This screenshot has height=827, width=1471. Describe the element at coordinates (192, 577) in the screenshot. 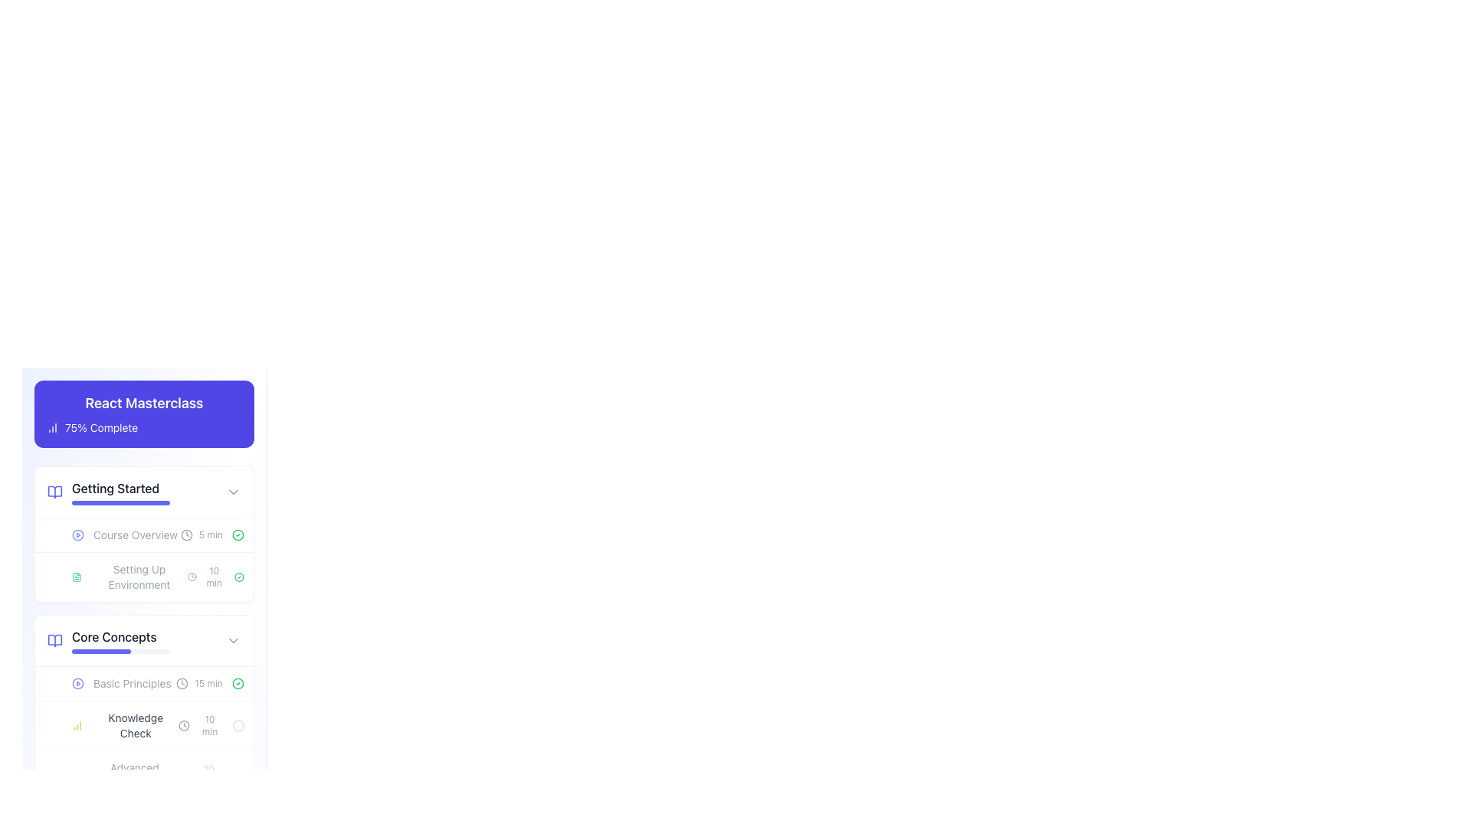

I see `the circular clock icon next to the '10 min' text in the 'Setting Up Environment' list item under the 'Getting Started' section` at that location.